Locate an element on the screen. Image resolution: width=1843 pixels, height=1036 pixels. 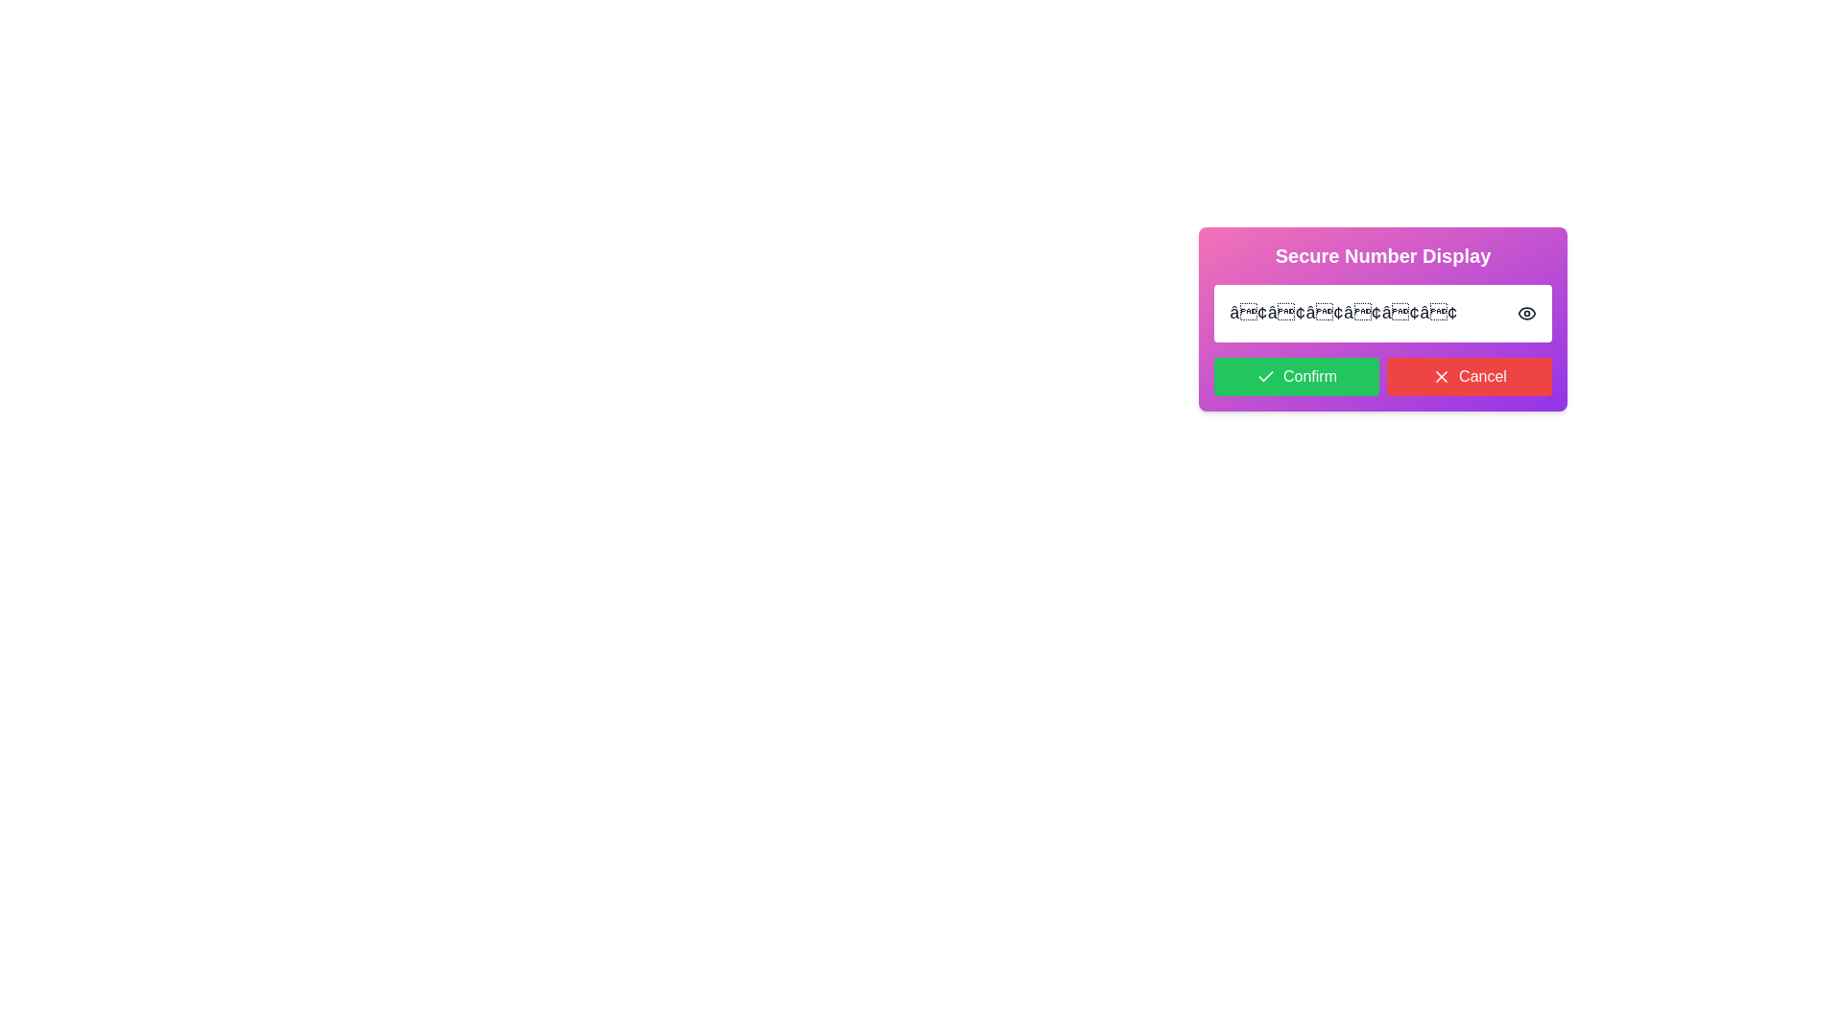
the title header labeled 'Secure Number Display', which is styled in bold and centered format, located at the top of the dialog box or card is located at coordinates (1382, 254).